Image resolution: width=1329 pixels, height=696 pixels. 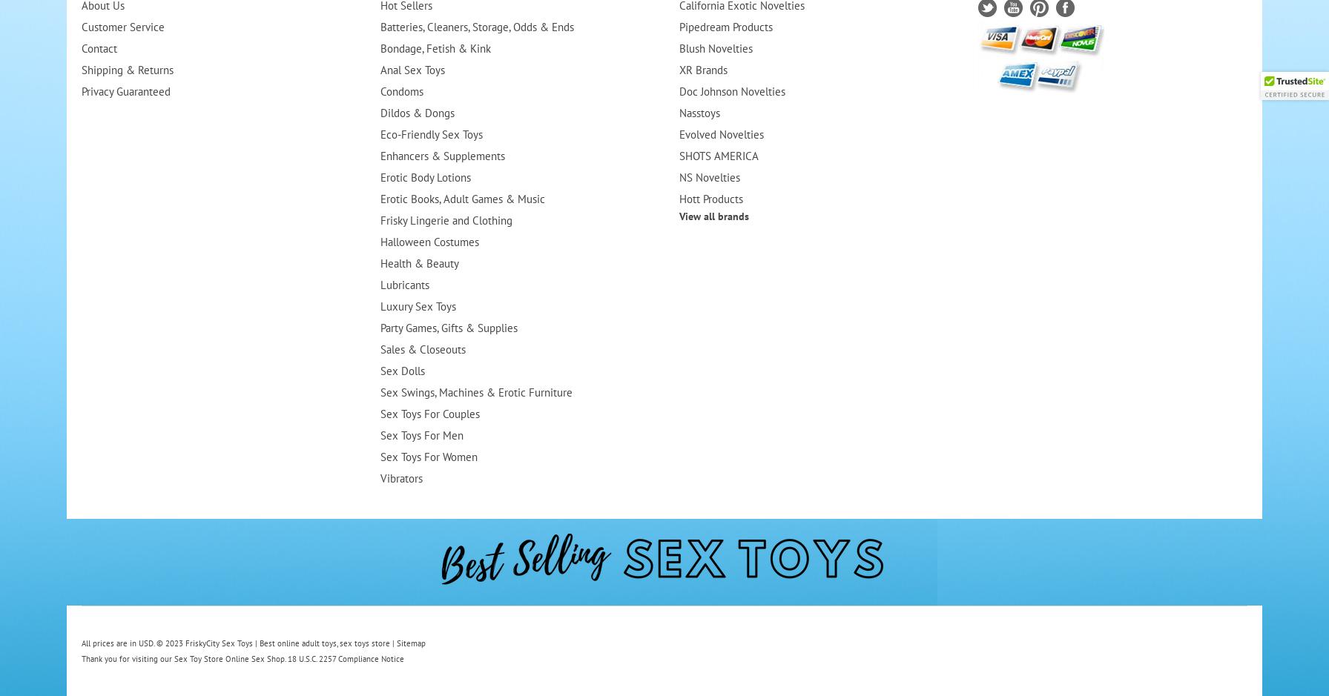 What do you see at coordinates (678, 155) in the screenshot?
I see `'SHOTS AMERICA'` at bounding box center [678, 155].